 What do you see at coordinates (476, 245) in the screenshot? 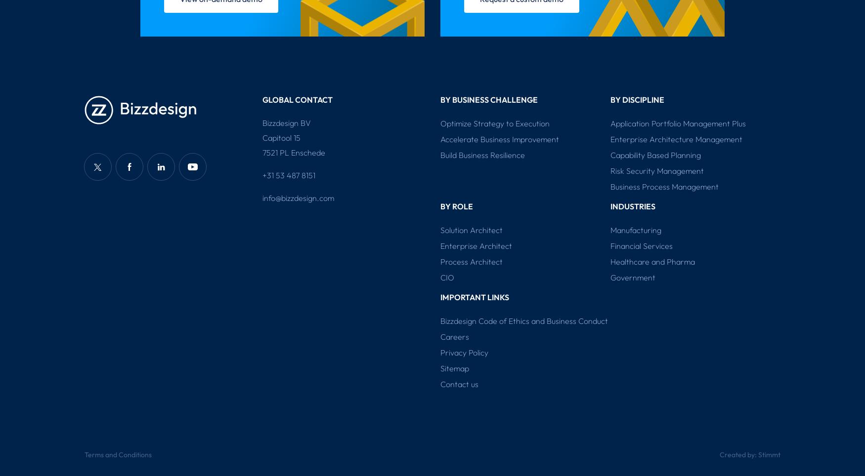
I see `'Enterprise Architect'` at bounding box center [476, 245].